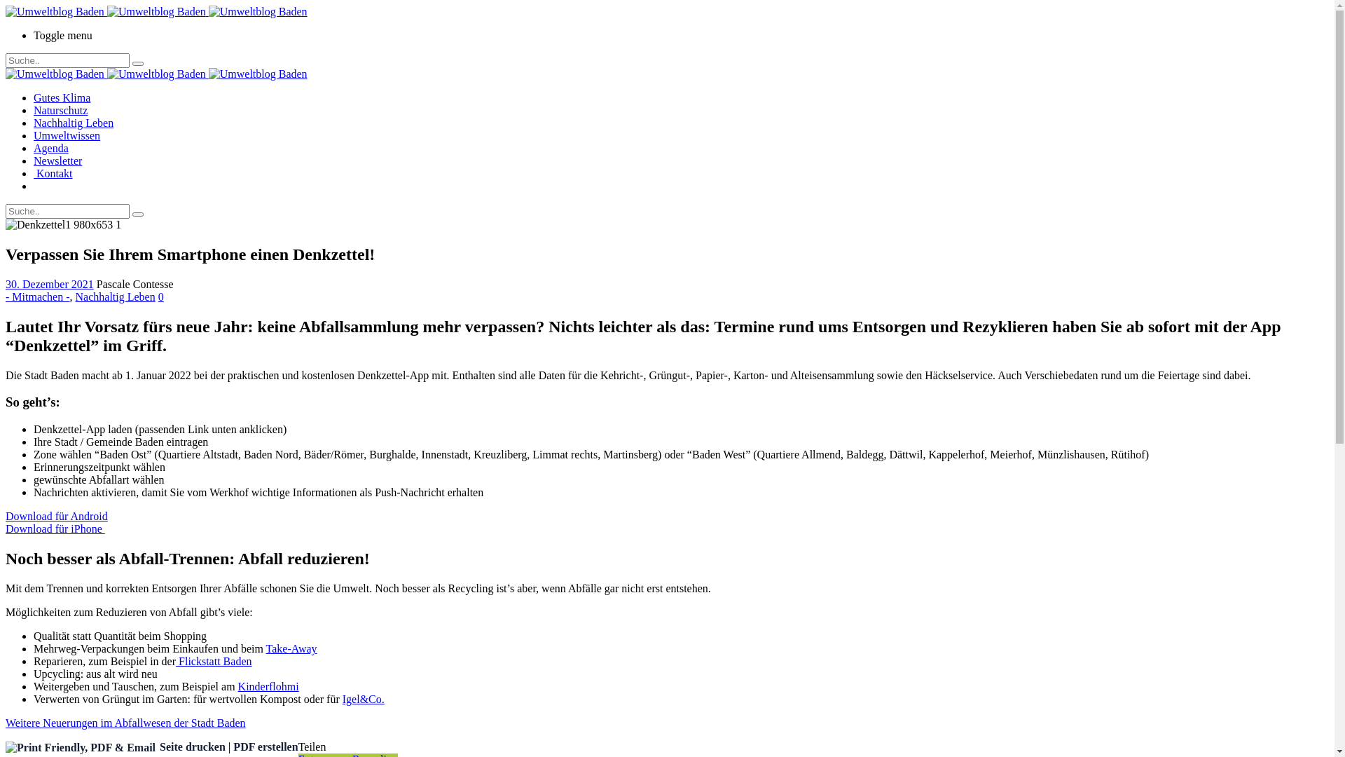 This screenshot has height=757, width=1345. I want to click on ' Kontakt', so click(53, 172).